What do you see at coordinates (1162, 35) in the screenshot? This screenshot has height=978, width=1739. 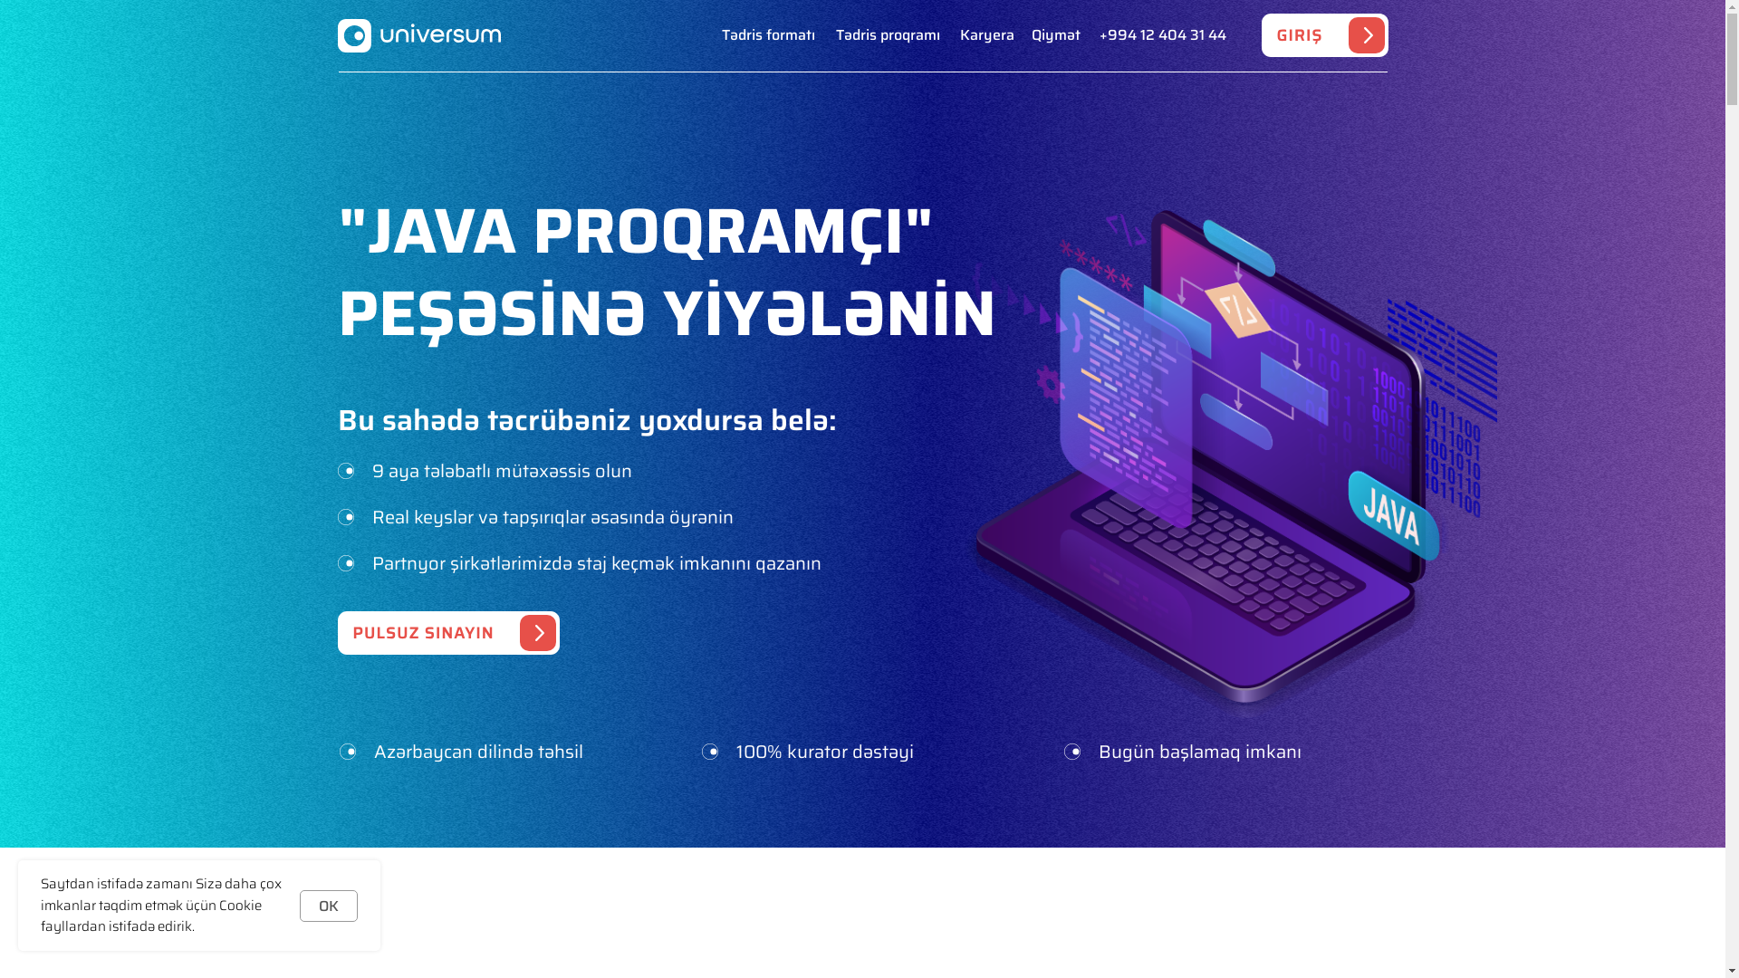 I see `'+994 12 404 31 44'` at bounding box center [1162, 35].